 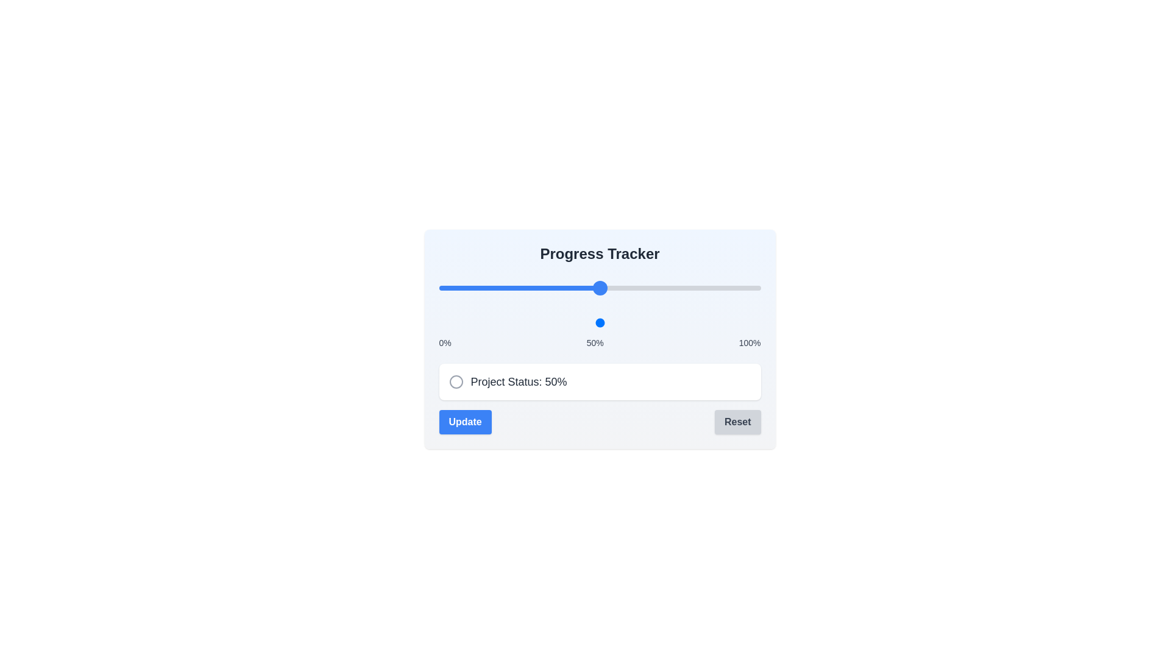 I want to click on 'Reset' button to reset the progress, so click(x=736, y=422).